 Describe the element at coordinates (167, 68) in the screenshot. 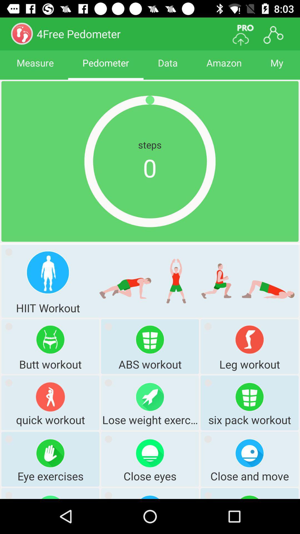

I see `data icon` at that location.